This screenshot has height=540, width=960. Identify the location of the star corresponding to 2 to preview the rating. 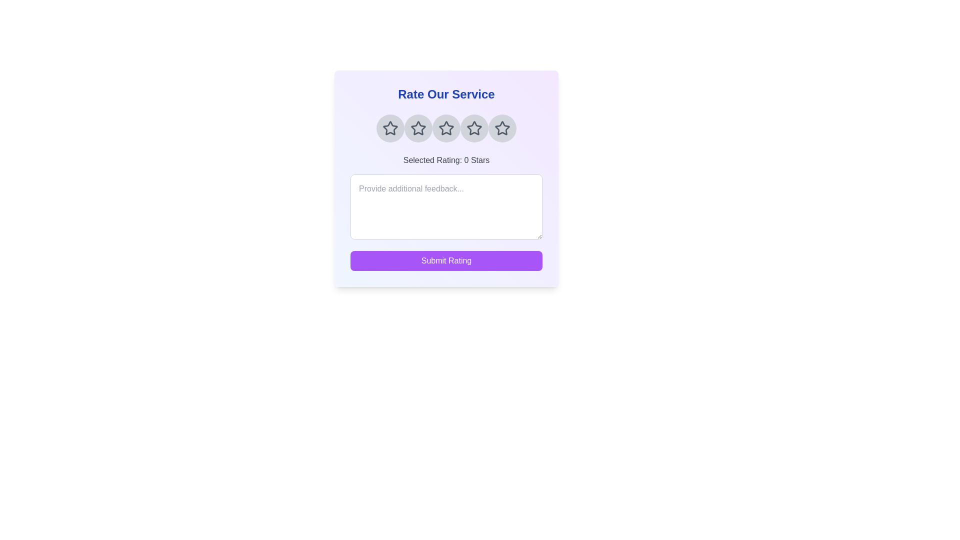
(418, 128).